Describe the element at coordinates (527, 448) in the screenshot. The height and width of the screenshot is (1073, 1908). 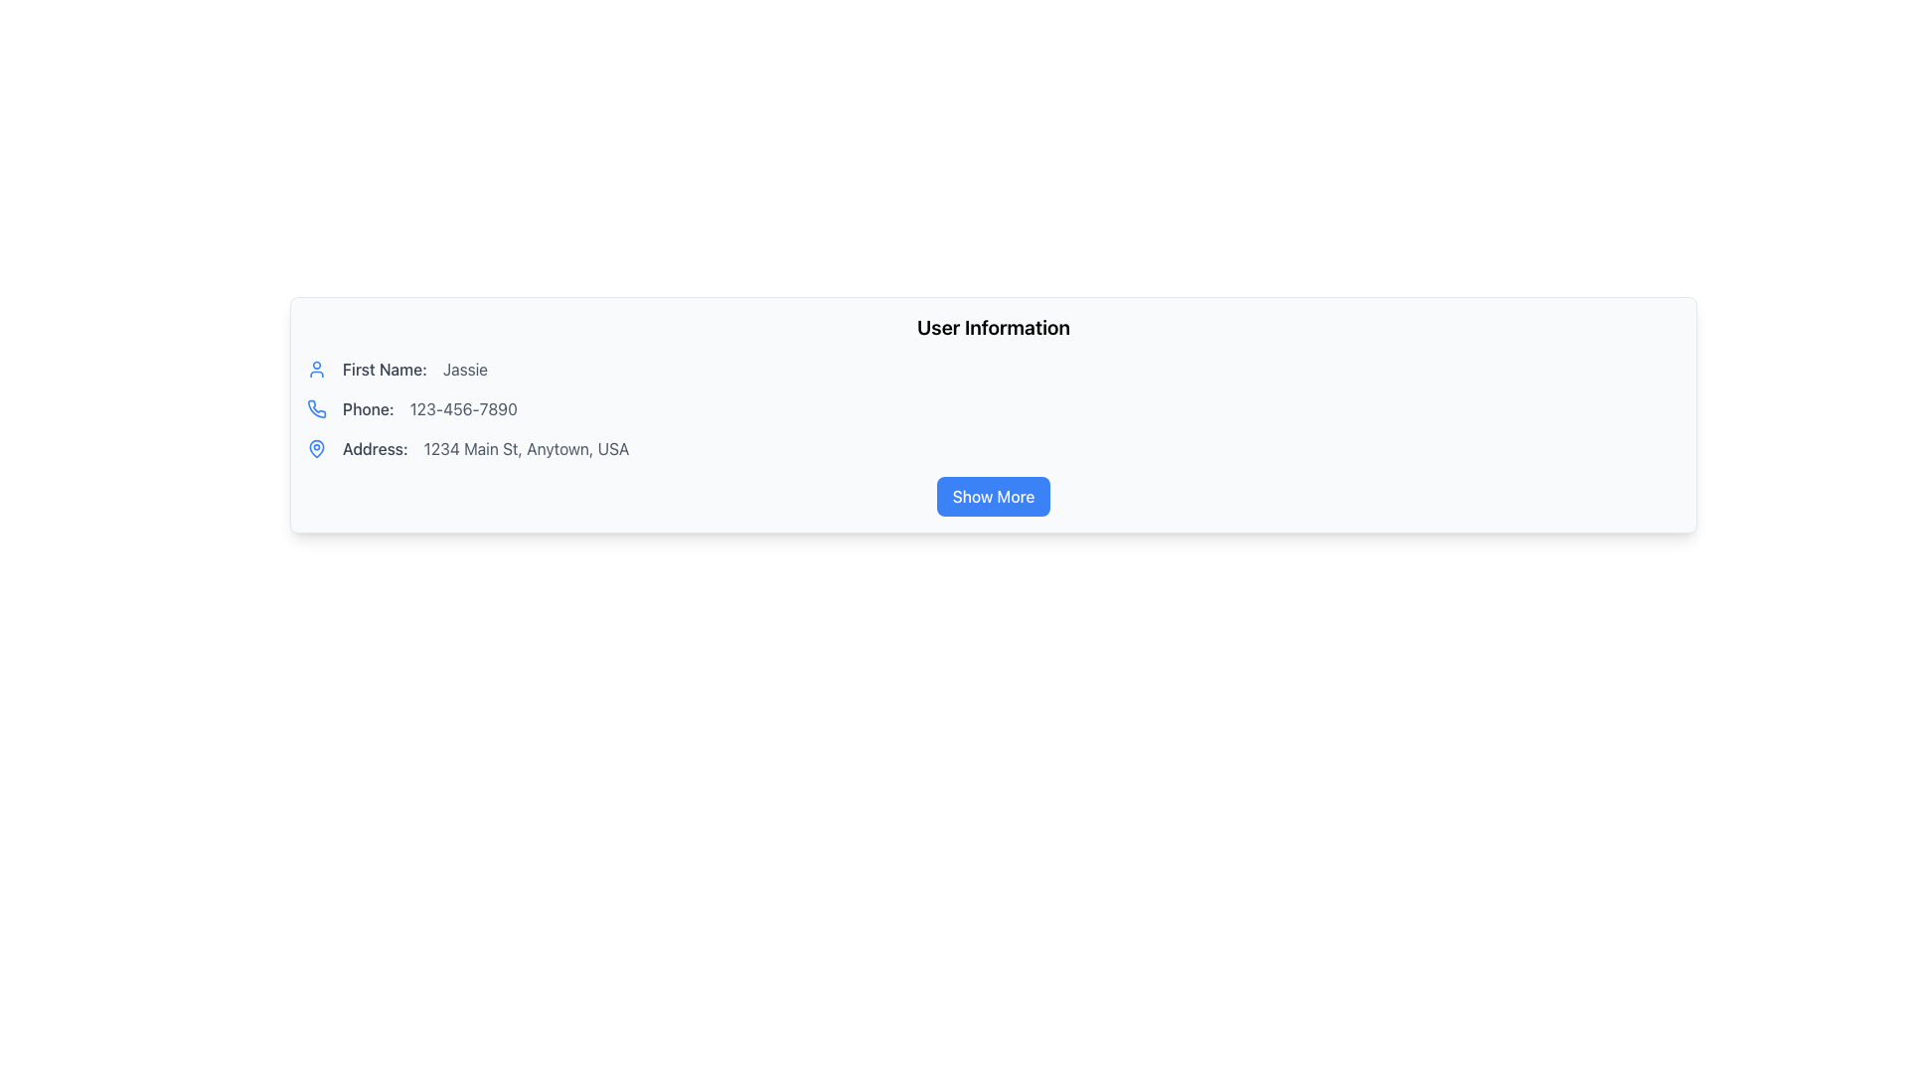
I see `the static text displaying the user's address information, which is located to the right of the 'Address:' label in the user details panel` at that location.